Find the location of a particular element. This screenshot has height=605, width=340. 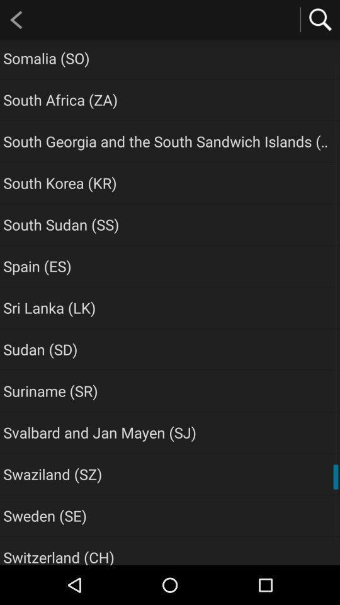

the spain (es) app is located at coordinates (37, 266).